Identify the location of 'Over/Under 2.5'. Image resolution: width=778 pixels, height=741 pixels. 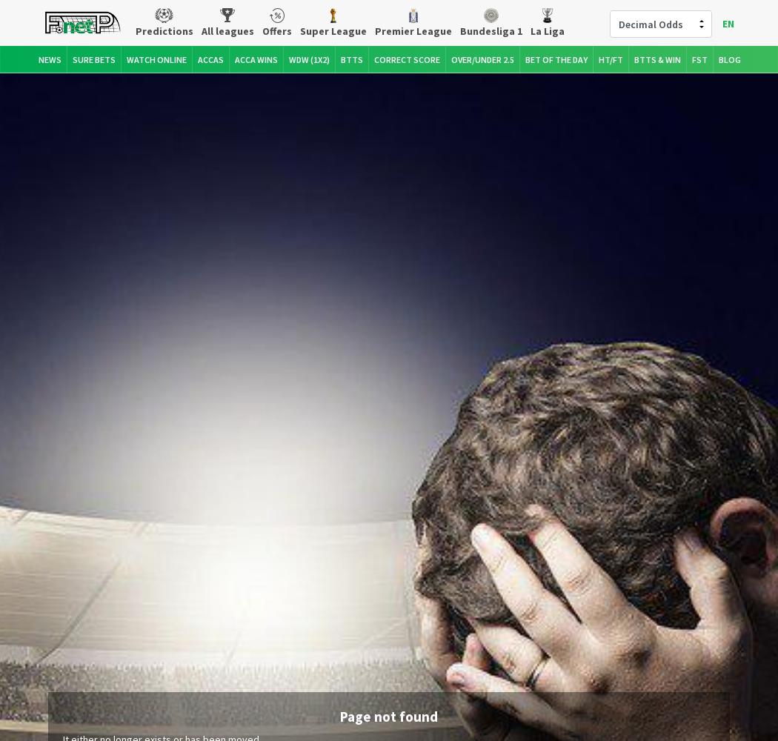
(482, 58).